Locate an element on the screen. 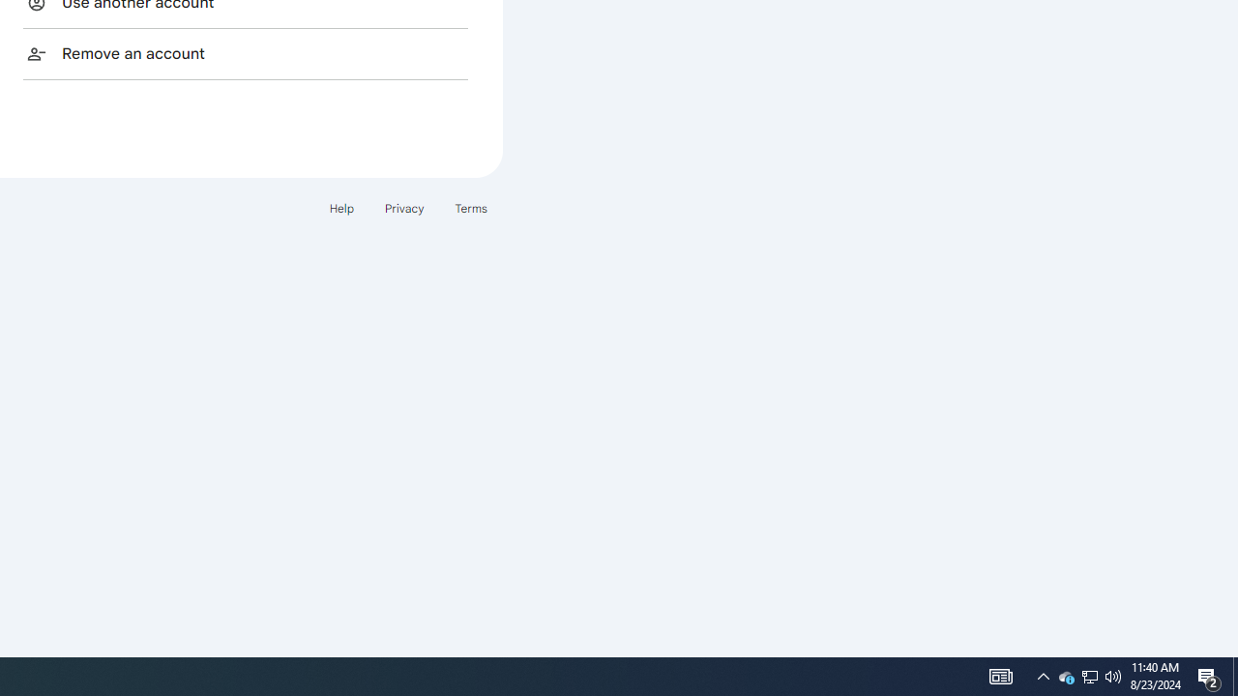 The height and width of the screenshot is (696, 1238). 'Remove an account' is located at coordinates (245, 52).